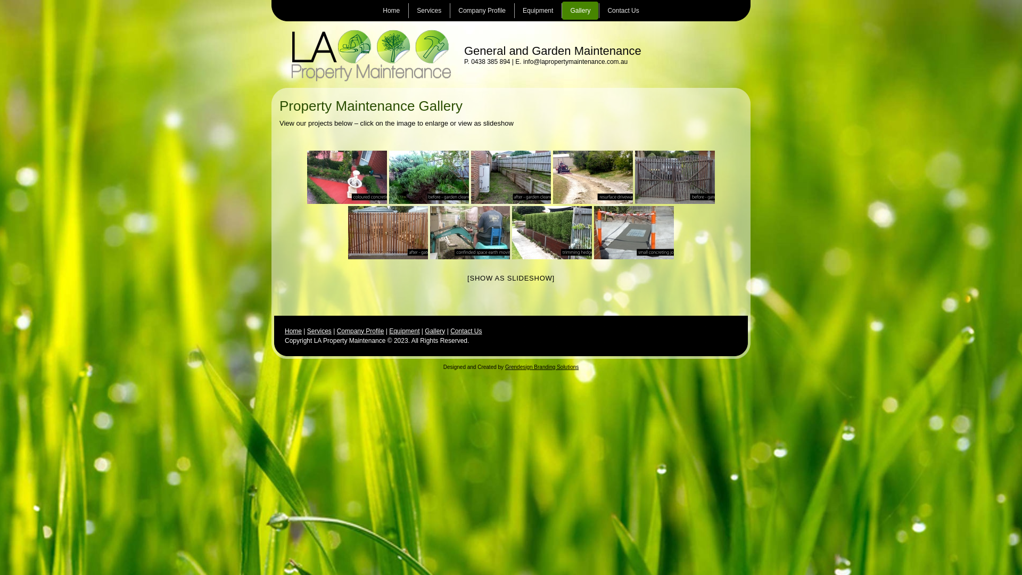 The height and width of the screenshot is (575, 1022). Describe the element at coordinates (551, 232) in the screenshot. I see `'la-property-maintenance-hedging'` at that location.